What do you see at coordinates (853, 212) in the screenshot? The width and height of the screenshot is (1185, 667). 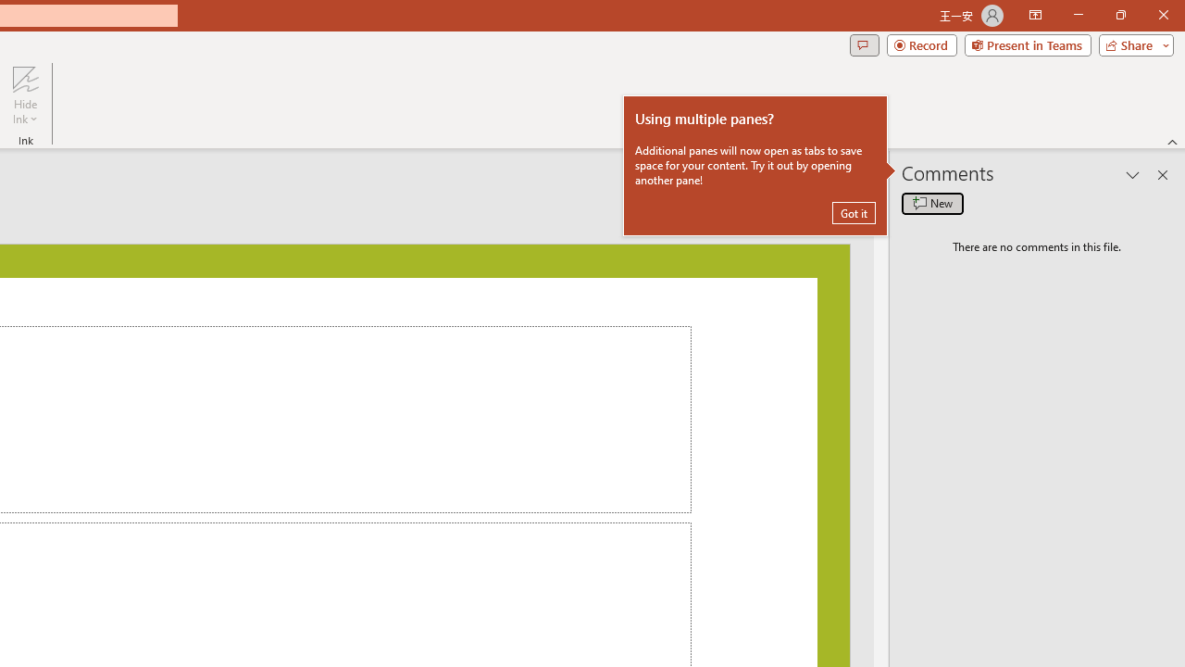 I see `'Got it'` at bounding box center [853, 212].